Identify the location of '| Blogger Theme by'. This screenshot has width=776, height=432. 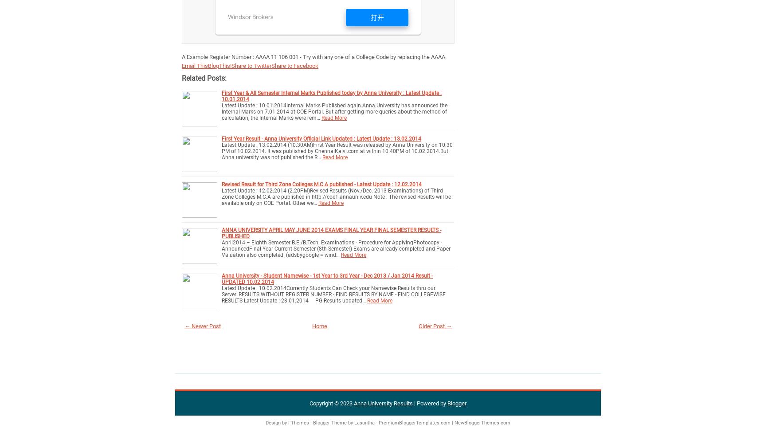
(331, 422).